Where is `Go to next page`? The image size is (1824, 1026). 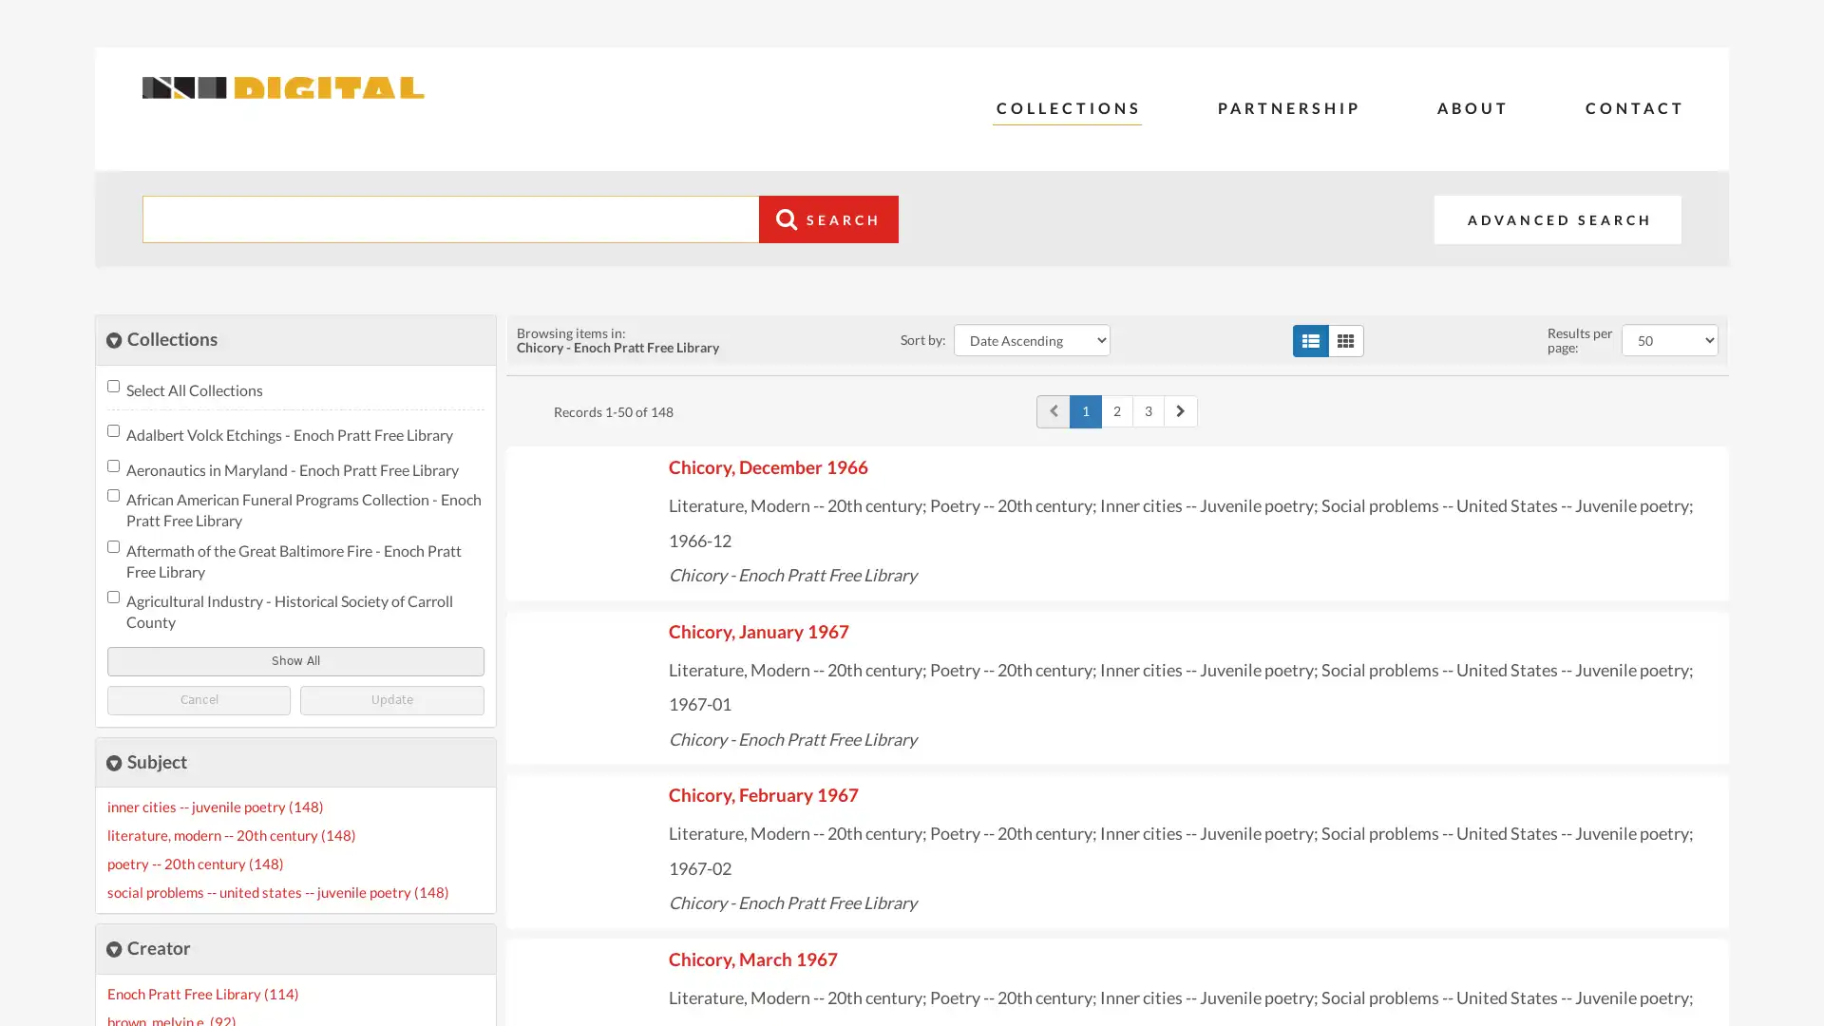
Go to next page is located at coordinates (1180, 409).